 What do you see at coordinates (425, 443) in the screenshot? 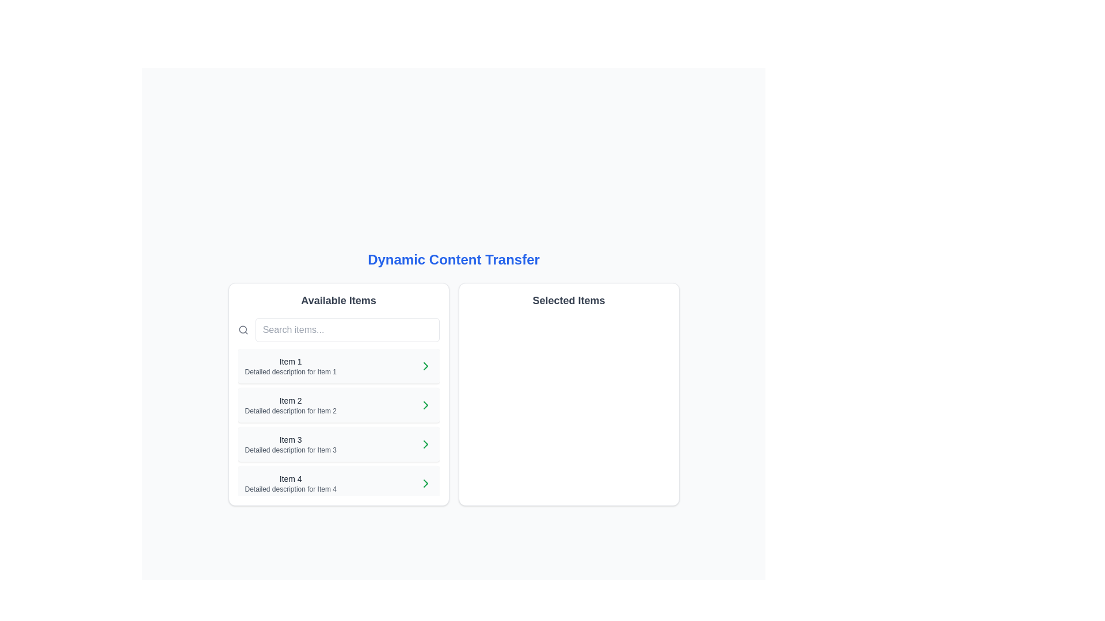
I see `the navigational icon located to the far right of the third item` at bounding box center [425, 443].